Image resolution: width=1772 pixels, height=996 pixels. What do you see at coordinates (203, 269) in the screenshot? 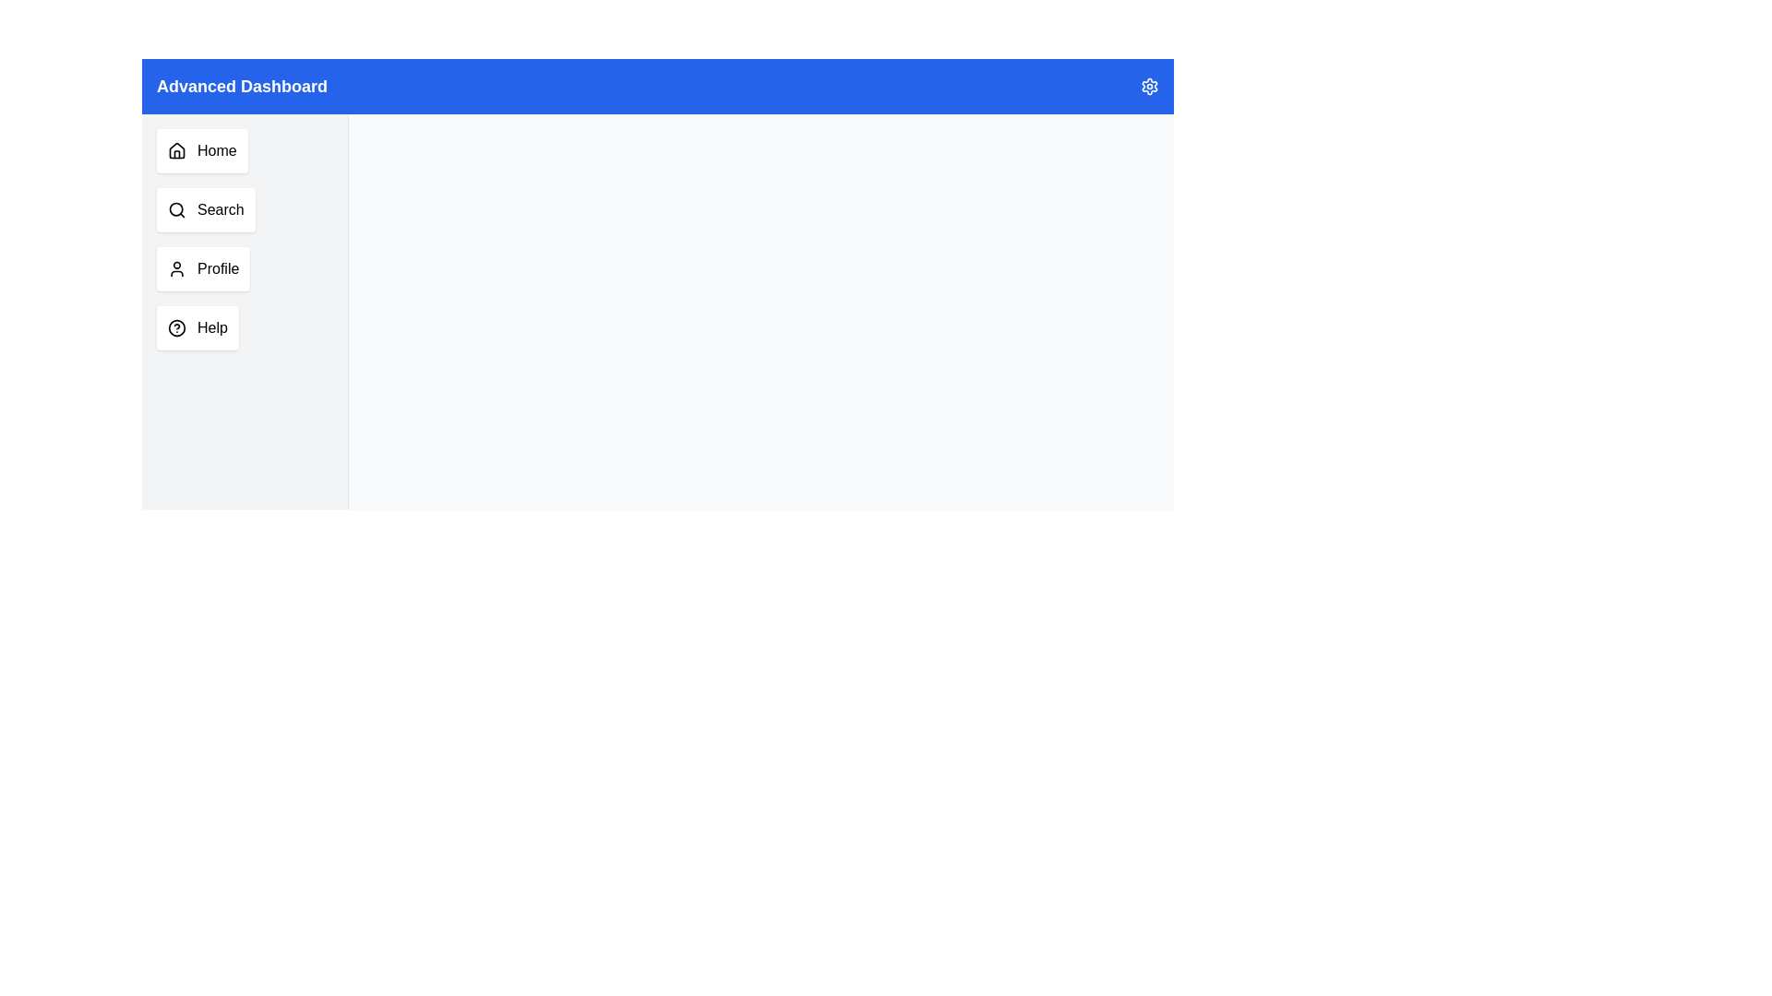
I see `the 'Profile' navigation button located in the left sidebar of the application interface` at bounding box center [203, 269].